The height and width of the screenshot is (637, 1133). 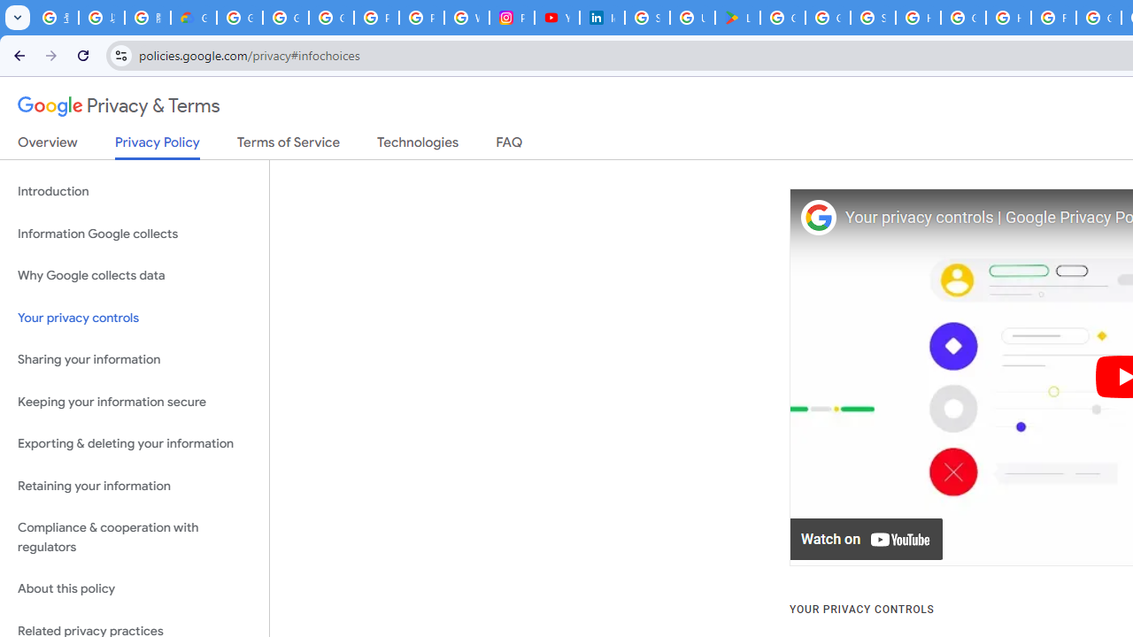 I want to click on 'YouTube Culture & Trends - On The Rise: Handcam Videos', so click(x=556, y=18).